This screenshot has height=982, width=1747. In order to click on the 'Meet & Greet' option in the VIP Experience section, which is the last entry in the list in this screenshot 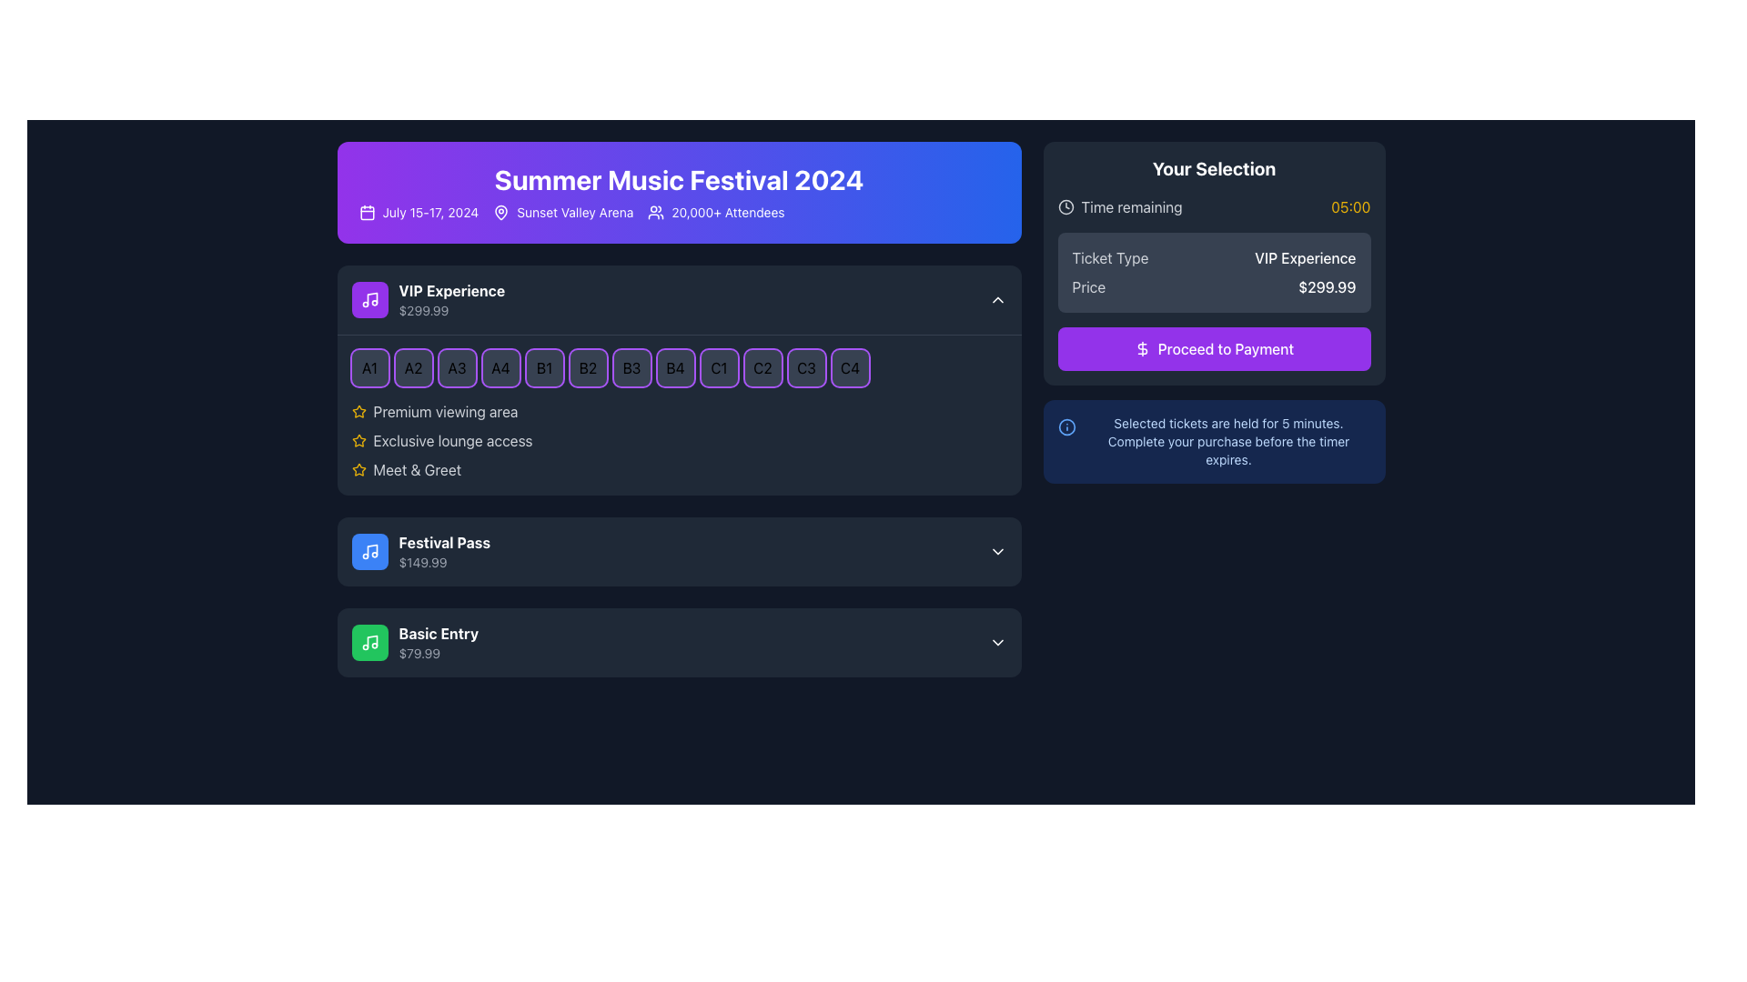, I will do `click(678, 468)`.